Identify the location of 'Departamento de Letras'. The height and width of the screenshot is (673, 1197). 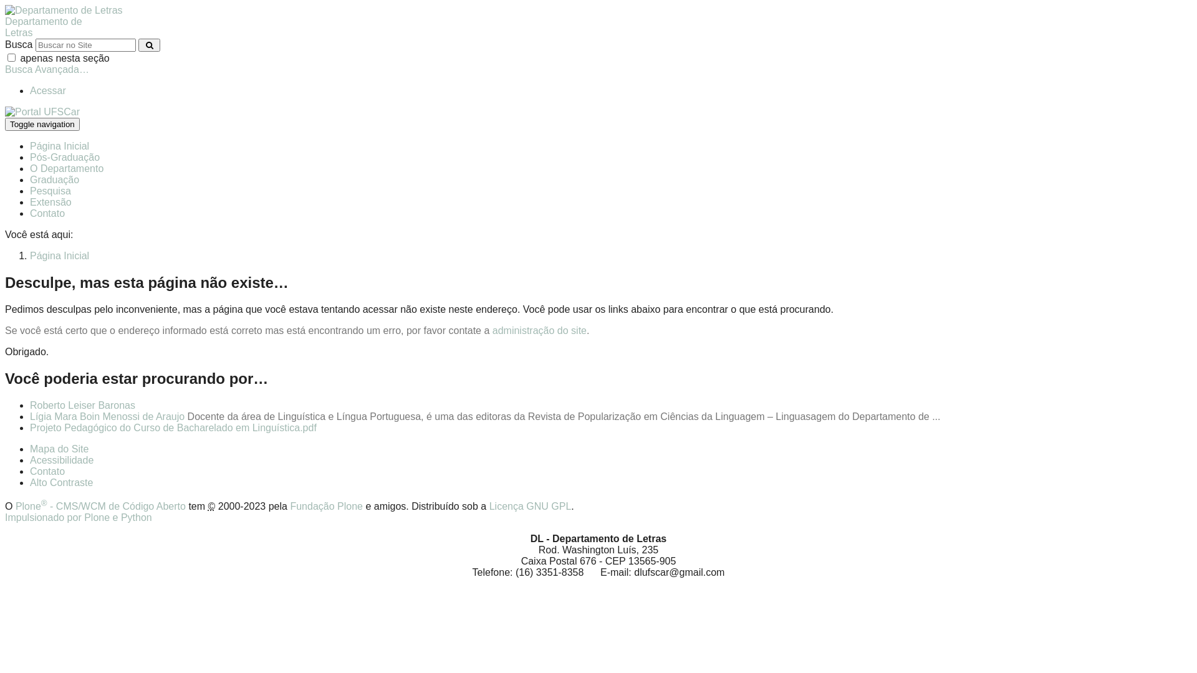
(63, 10).